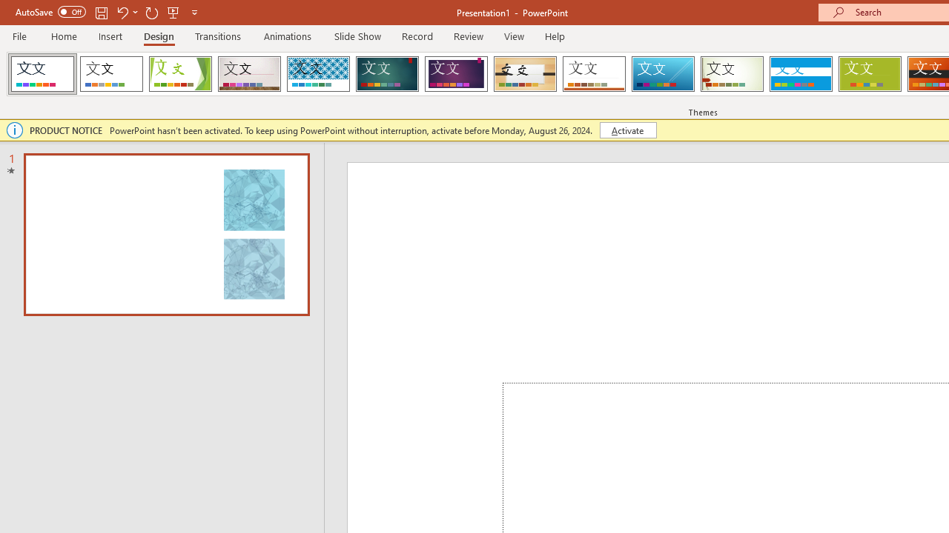 This screenshot has height=533, width=949. Describe the element at coordinates (100, 12) in the screenshot. I see `'Save'` at that location.